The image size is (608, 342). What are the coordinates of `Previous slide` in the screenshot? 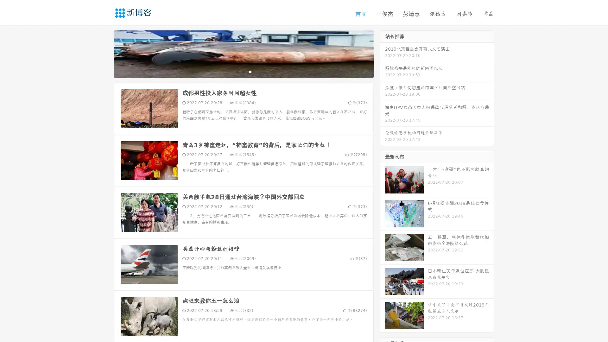 It's located at (104, 53).